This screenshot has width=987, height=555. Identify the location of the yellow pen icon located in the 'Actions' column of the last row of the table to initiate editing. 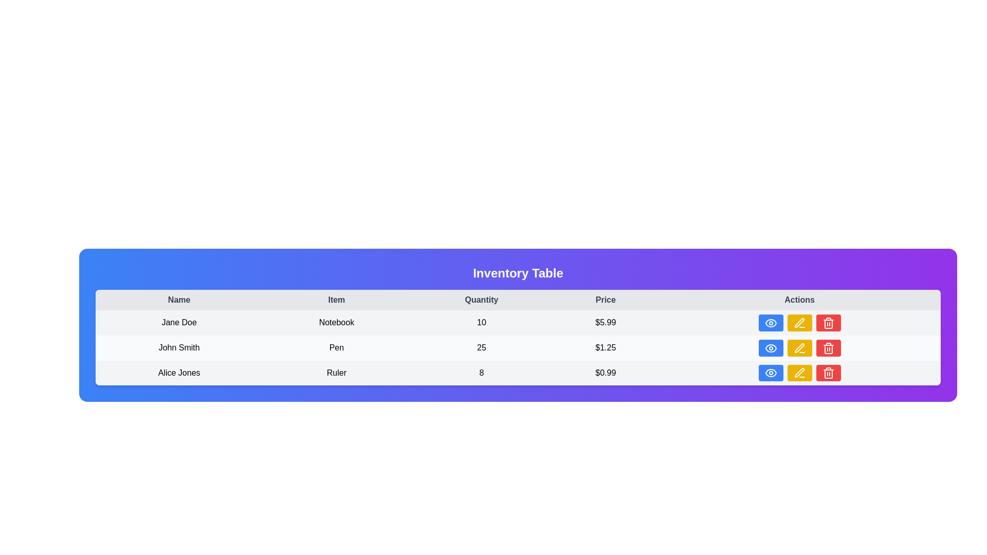
(799, 373).